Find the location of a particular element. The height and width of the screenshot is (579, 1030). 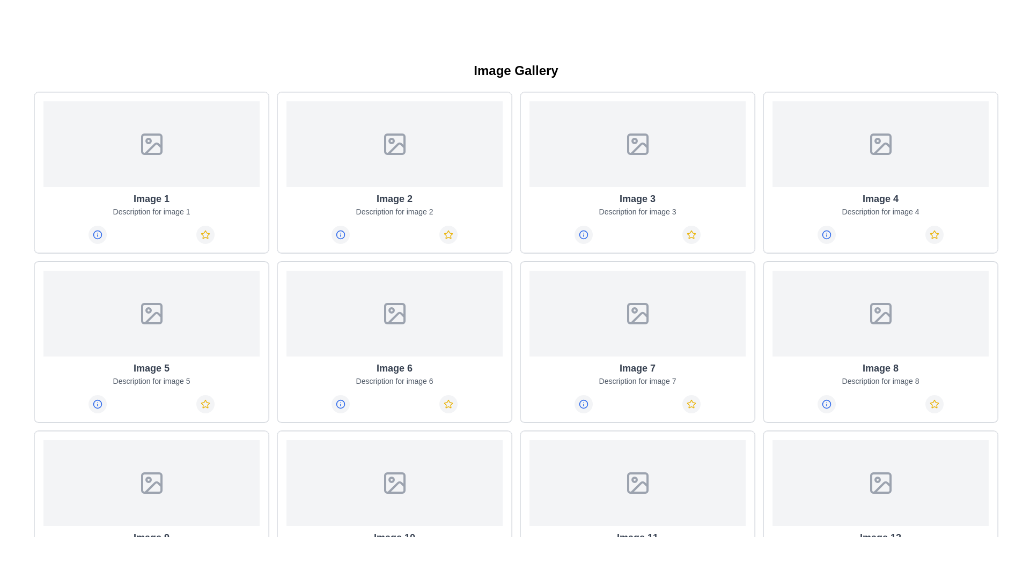

the graphical icon representing an image in the fifth image card of the gallery layout, located near the top-right corner inside the image icon is located at coordinates (152, 317).